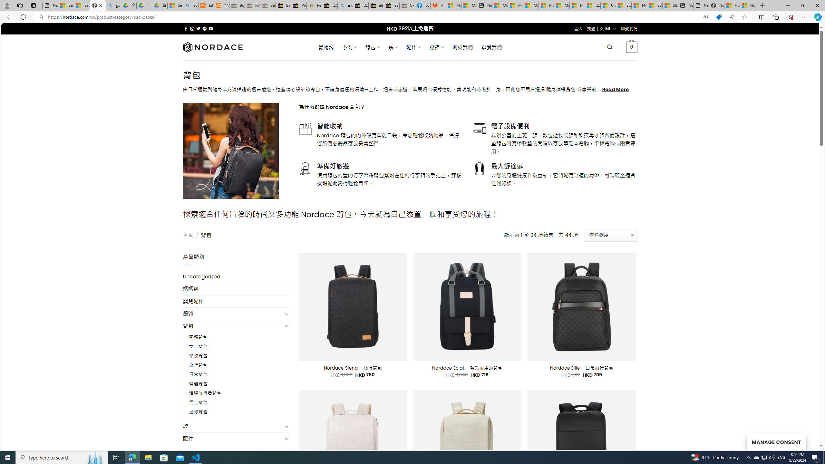 This screenshot has height=464, width=825. Describe the element at coordinates (113, 5) in the screenshot. I see `'guge yunpan - Search'` at that location.